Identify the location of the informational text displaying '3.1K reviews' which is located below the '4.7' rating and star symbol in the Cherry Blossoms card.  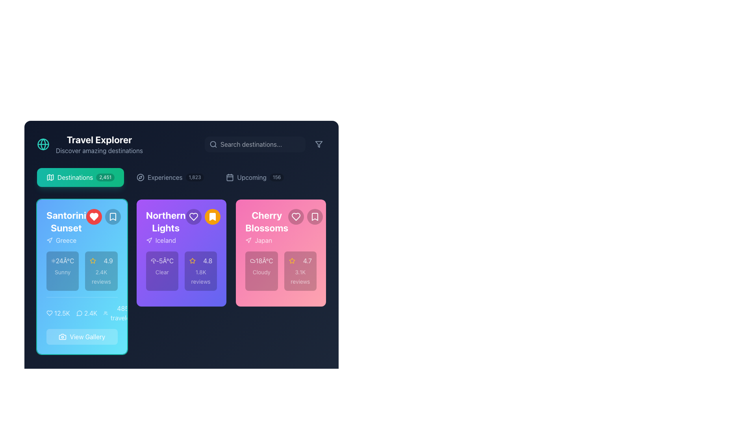
(300, 276).